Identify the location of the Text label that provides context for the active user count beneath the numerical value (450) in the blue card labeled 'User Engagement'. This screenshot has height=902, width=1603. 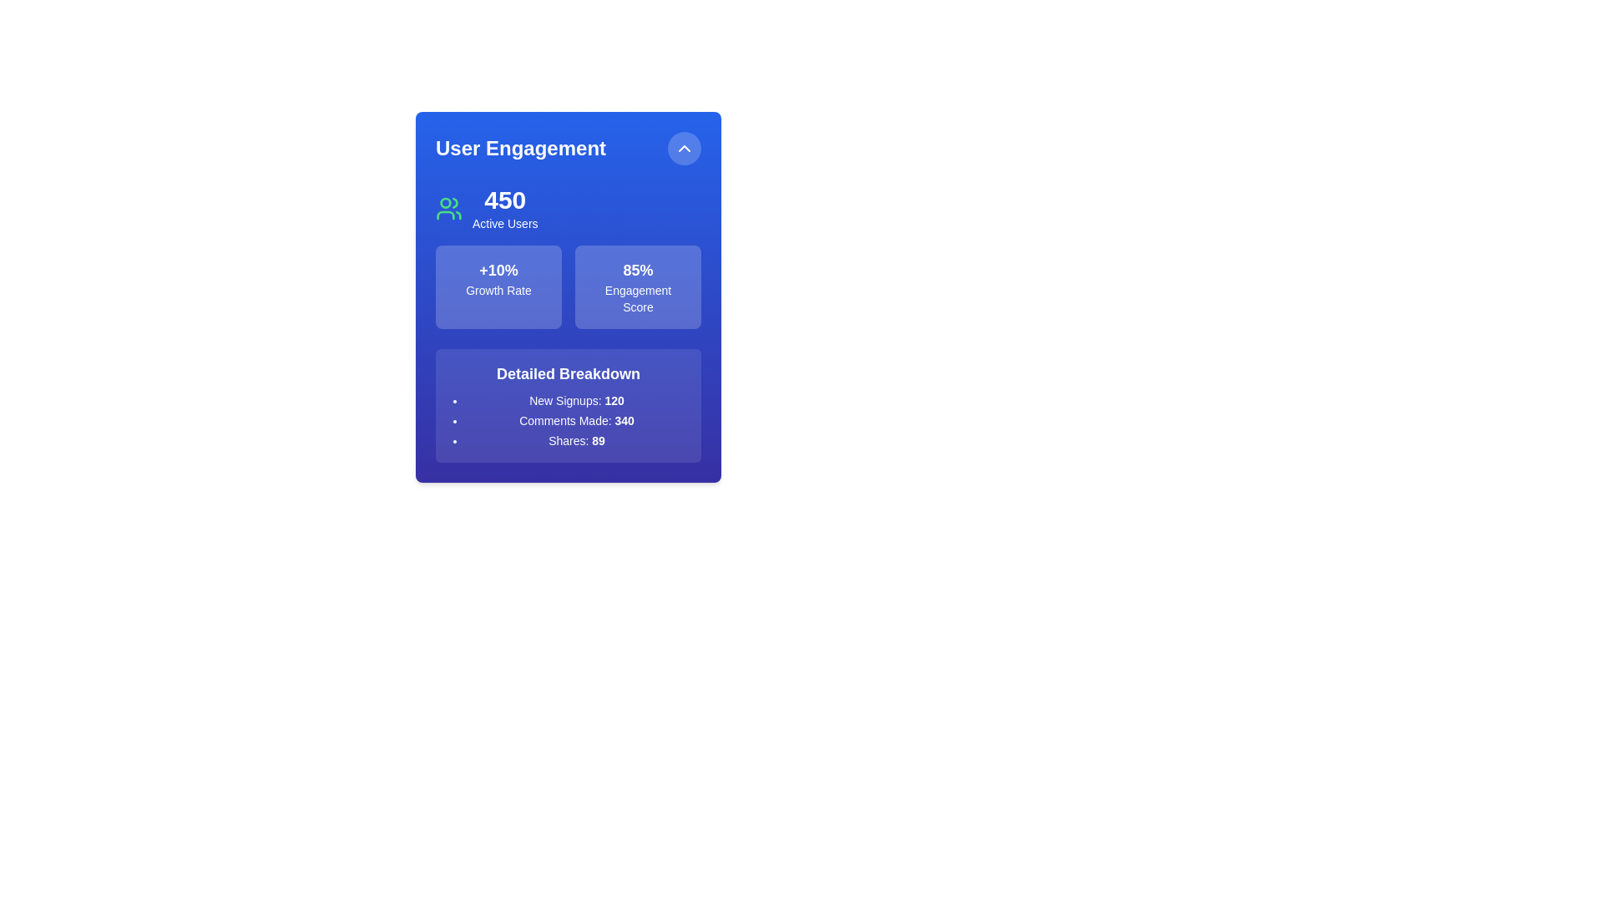
(504, 222).